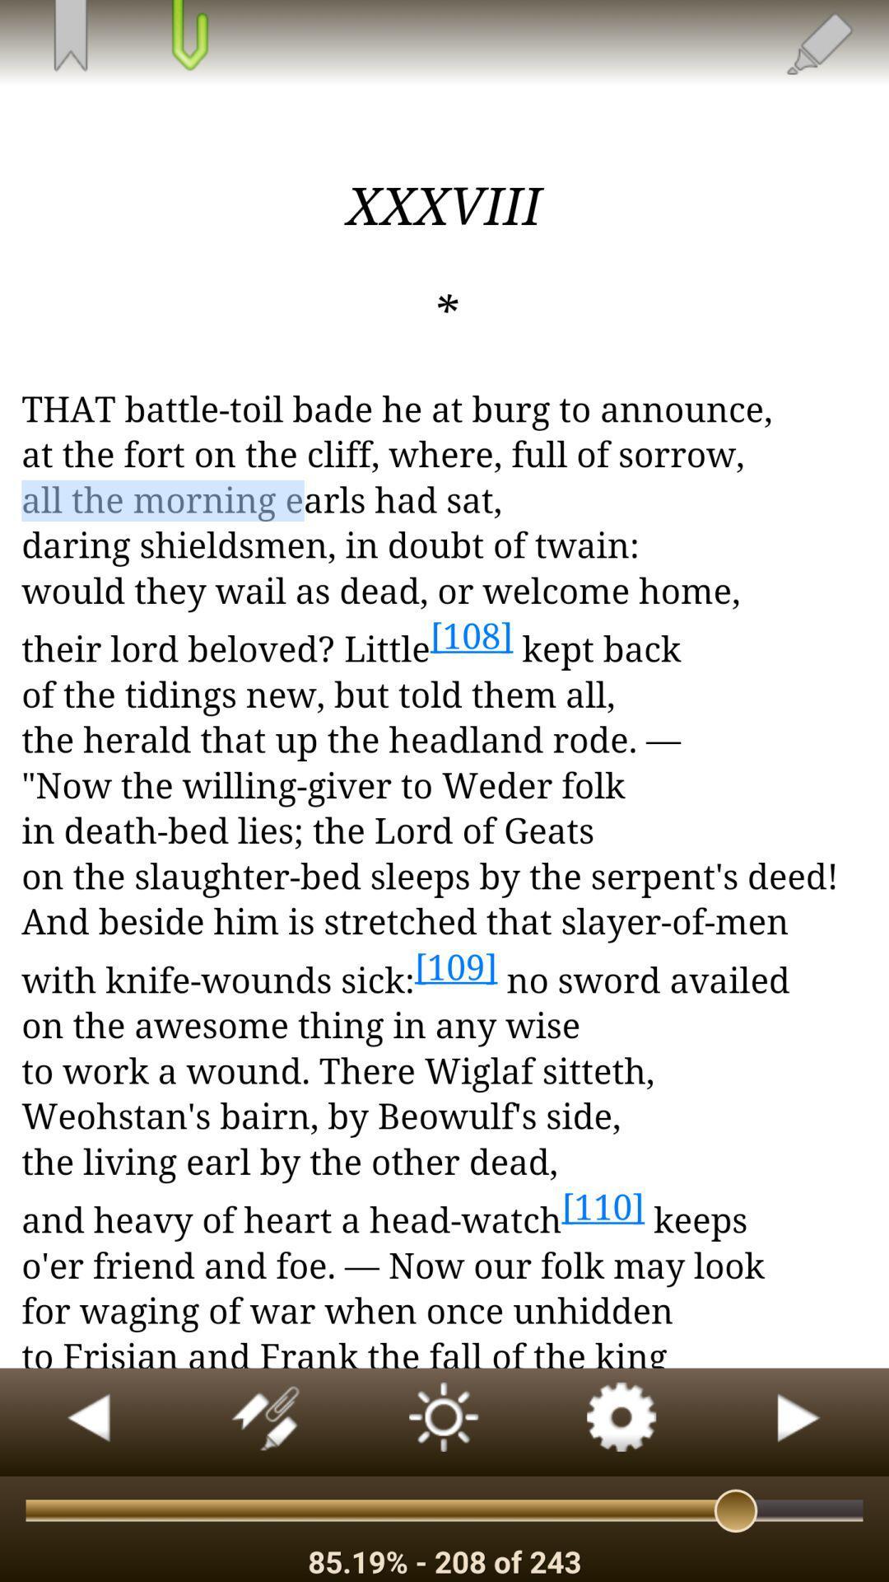  What do you see at coordinates (799, 1421) in the screenshot?
I see `proceed to next` at bounding box center [799, 1421].